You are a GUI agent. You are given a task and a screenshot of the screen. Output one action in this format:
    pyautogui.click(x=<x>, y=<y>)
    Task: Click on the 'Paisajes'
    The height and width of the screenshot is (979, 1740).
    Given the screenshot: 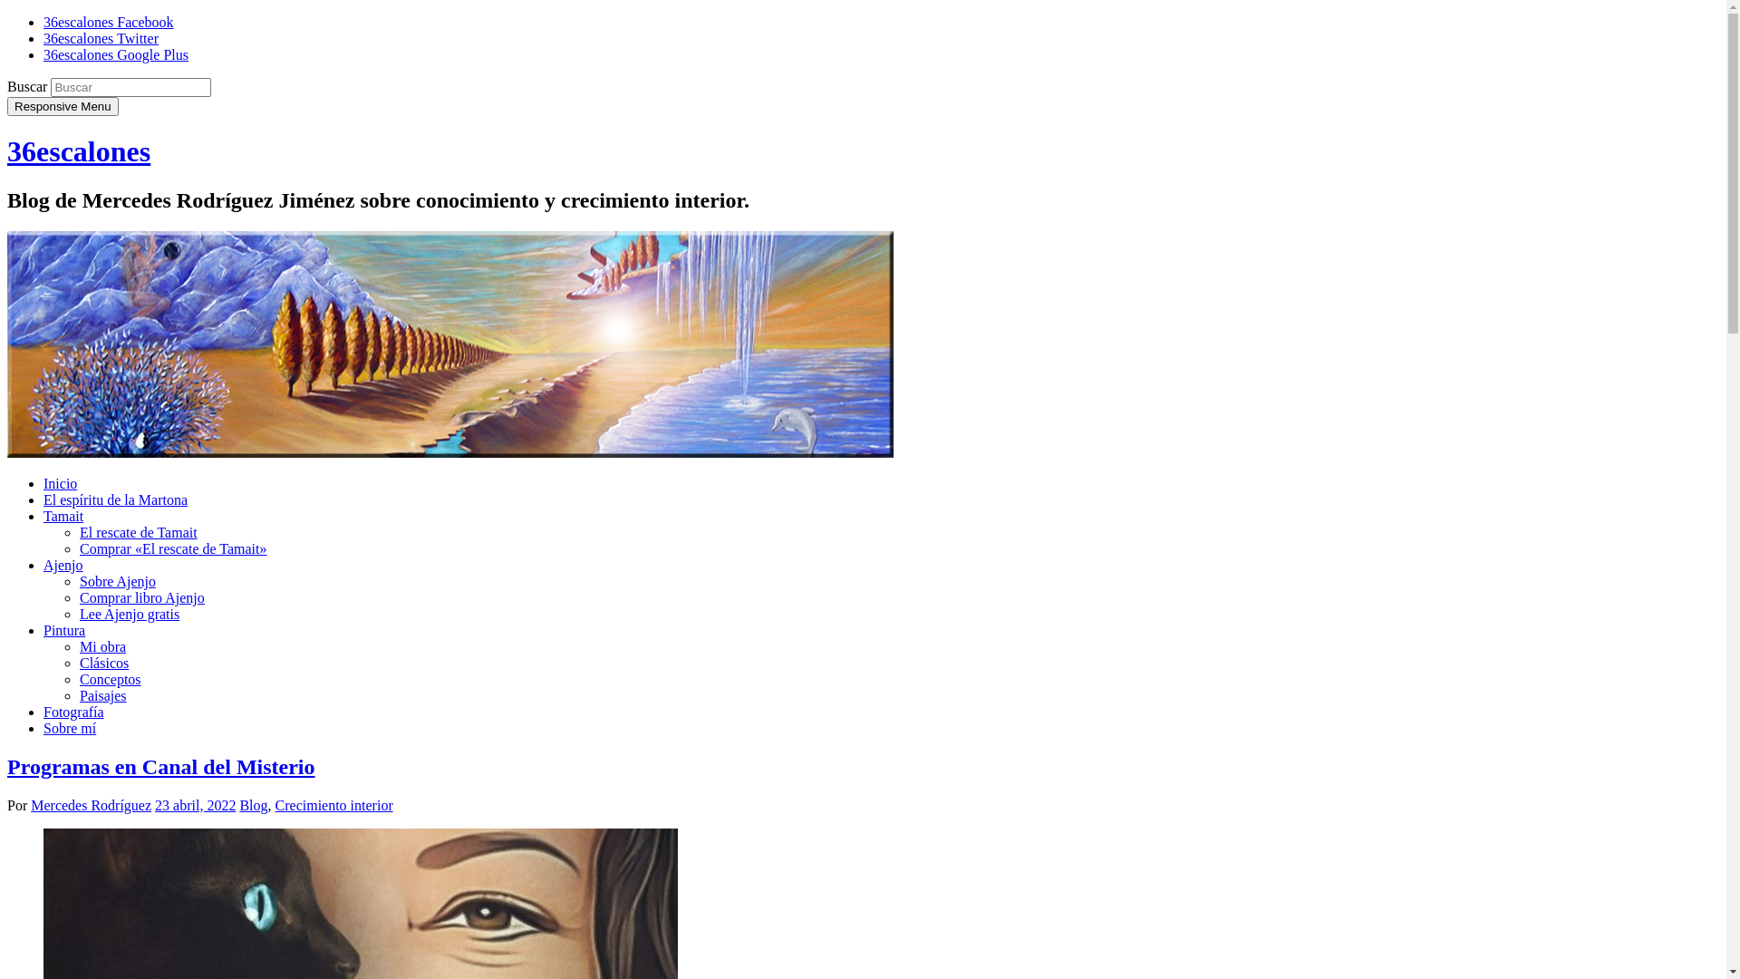 What is the action you would take?
    pyautogui.click(x=78, y=694)
    